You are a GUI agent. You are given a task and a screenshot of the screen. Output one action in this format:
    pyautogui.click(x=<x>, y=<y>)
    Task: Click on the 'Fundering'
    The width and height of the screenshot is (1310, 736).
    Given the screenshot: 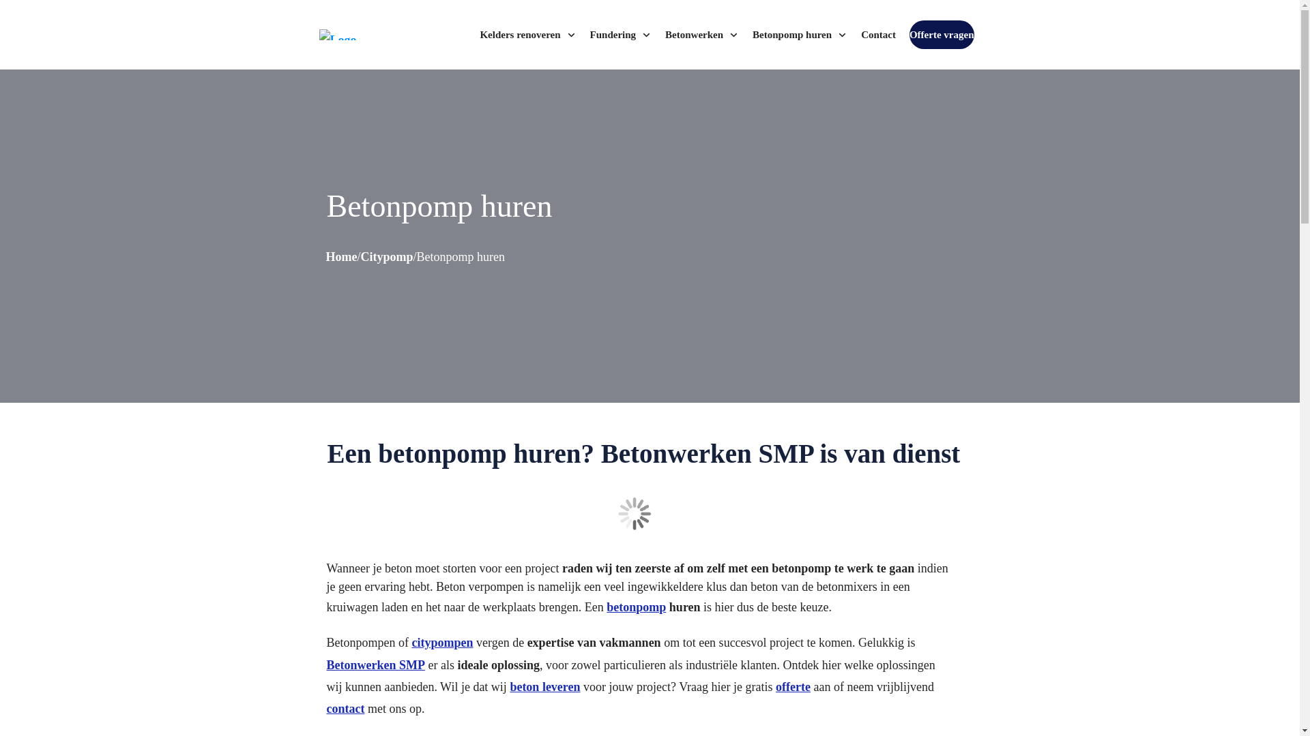 What is the action you would take?
    pyautogui.click(x=620, y=33)
    